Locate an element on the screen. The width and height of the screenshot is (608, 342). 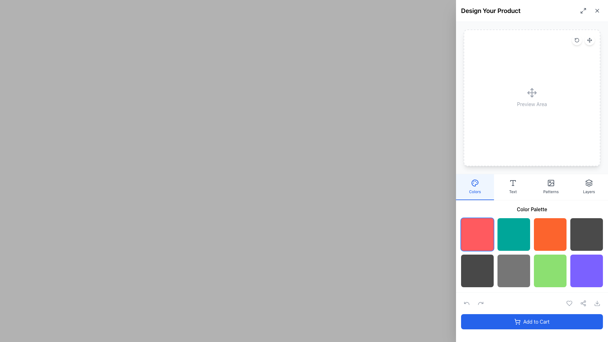
the move icon located in the central working canvas of the design tool to reposition elements within the preview area is located at coordinates (532, 98).